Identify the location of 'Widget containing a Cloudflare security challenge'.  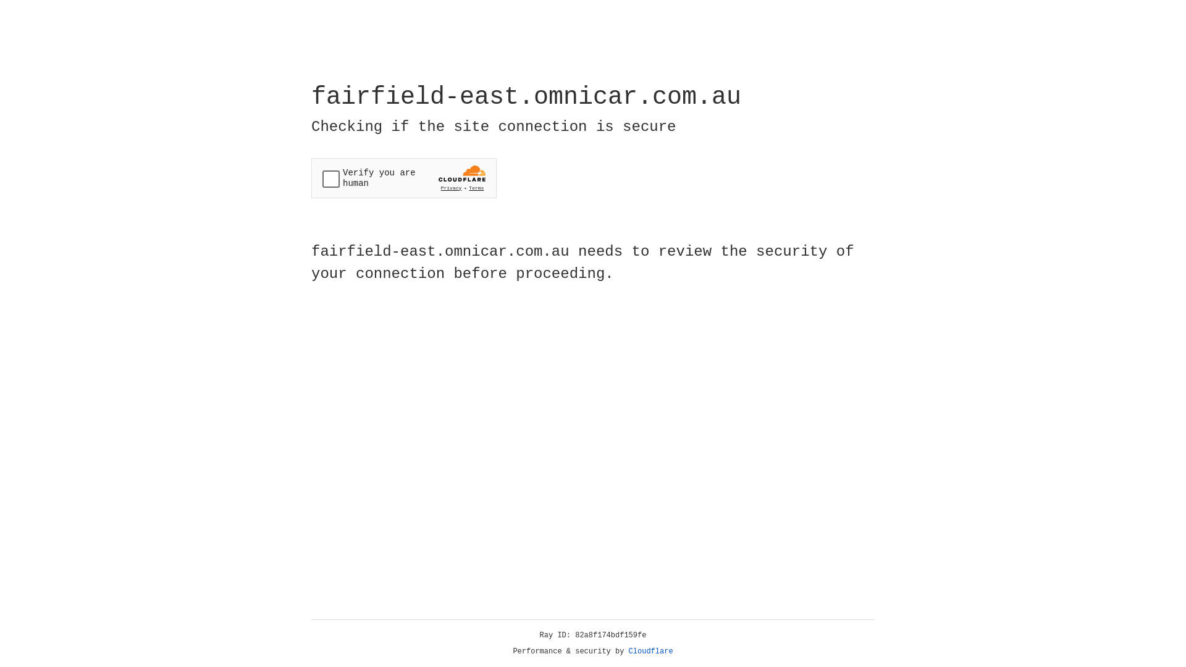
(403, 178).